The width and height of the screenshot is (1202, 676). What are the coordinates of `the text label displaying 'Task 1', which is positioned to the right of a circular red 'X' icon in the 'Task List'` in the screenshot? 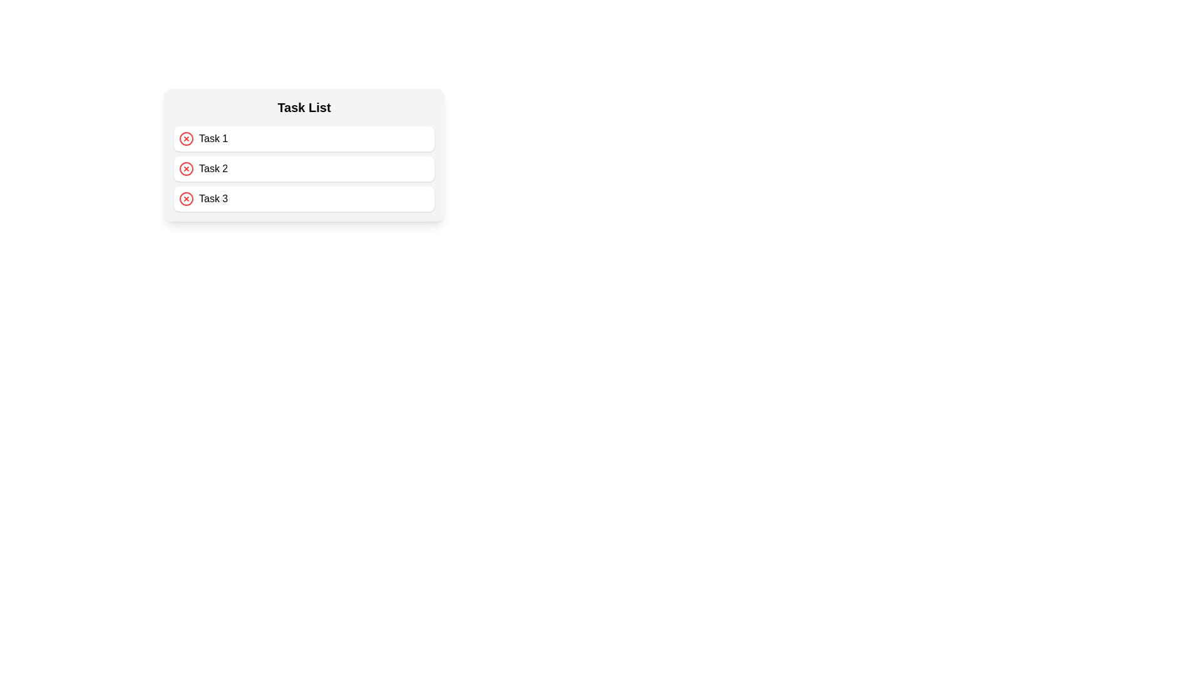 It's located at (213, 139).